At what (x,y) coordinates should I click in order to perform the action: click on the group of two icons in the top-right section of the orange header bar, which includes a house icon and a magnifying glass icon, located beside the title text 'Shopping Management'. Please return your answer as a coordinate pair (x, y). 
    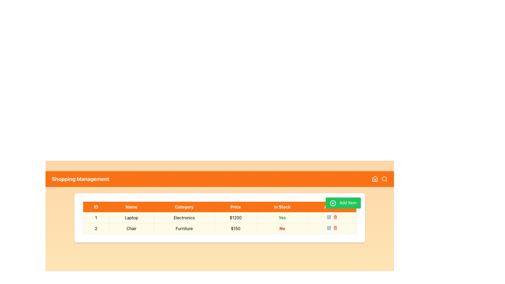
    Looking at the image, I should click on (380, 179).